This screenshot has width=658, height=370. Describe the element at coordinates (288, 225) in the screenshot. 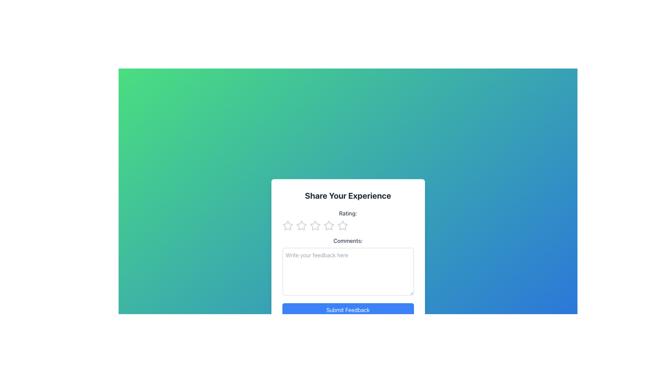

I see `the first star icon` at that location.